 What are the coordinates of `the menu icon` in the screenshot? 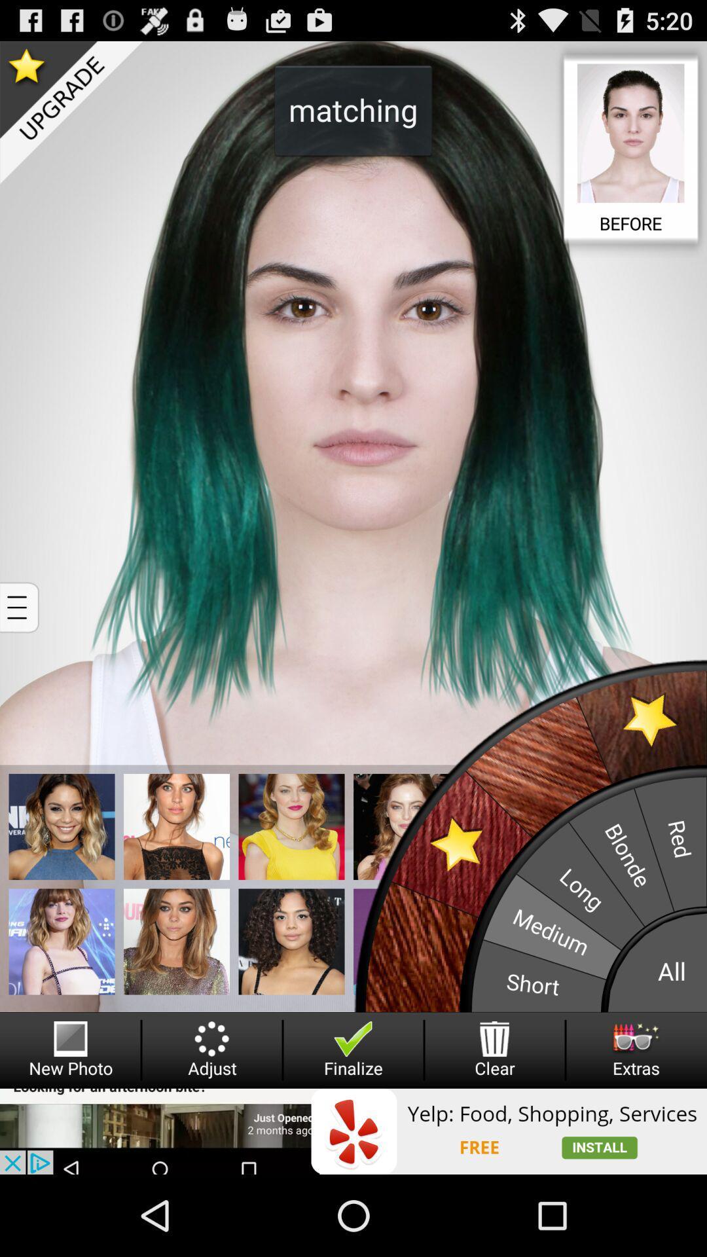 It's located at (21, 650).